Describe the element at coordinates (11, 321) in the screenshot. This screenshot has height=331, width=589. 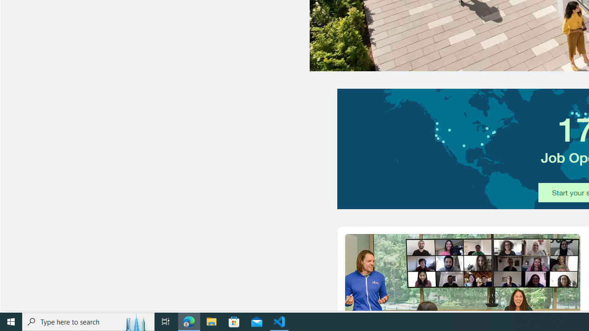
I see `'Start'` at that location.